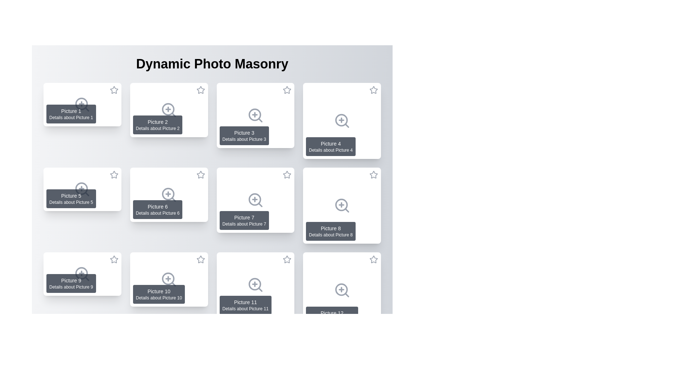  What do you see at coordinates (287, 89) in the screenshot?
I see `the star-shaped icon with a gray outline located in the top-right corner of 'Picture 3'` at bounding box center [287, 89].